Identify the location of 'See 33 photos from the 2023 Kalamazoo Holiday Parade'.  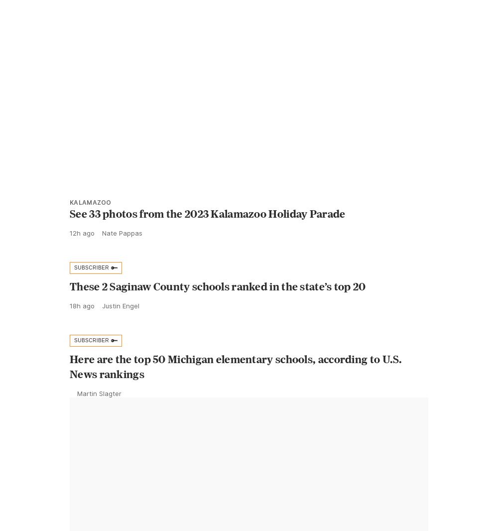
(207, 235).